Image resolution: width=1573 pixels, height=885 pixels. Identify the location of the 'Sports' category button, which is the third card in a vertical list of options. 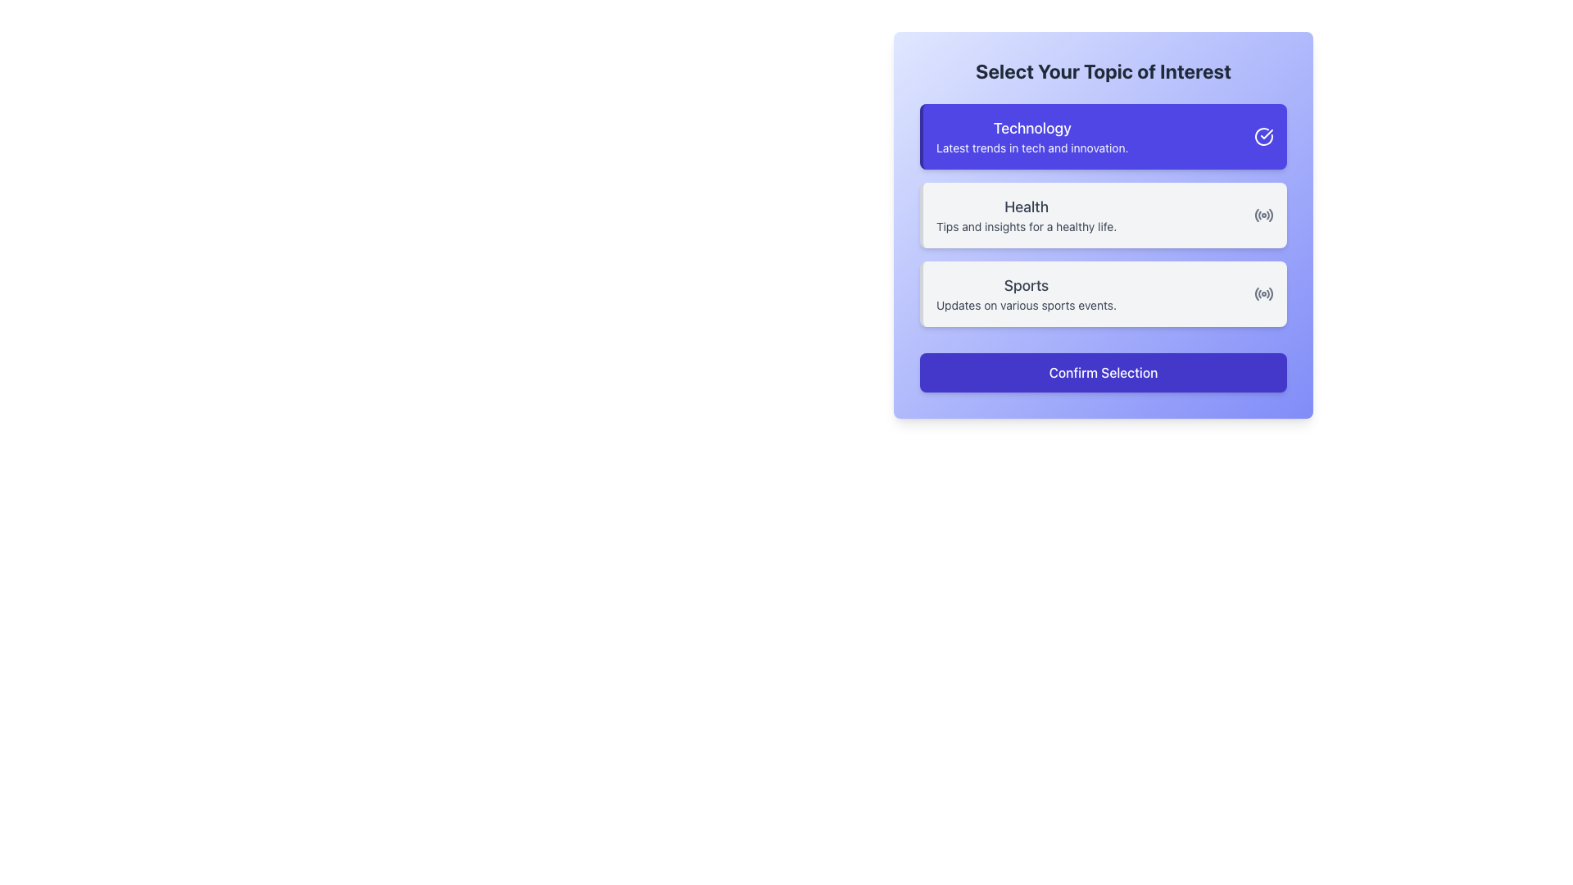
(1104, 293).